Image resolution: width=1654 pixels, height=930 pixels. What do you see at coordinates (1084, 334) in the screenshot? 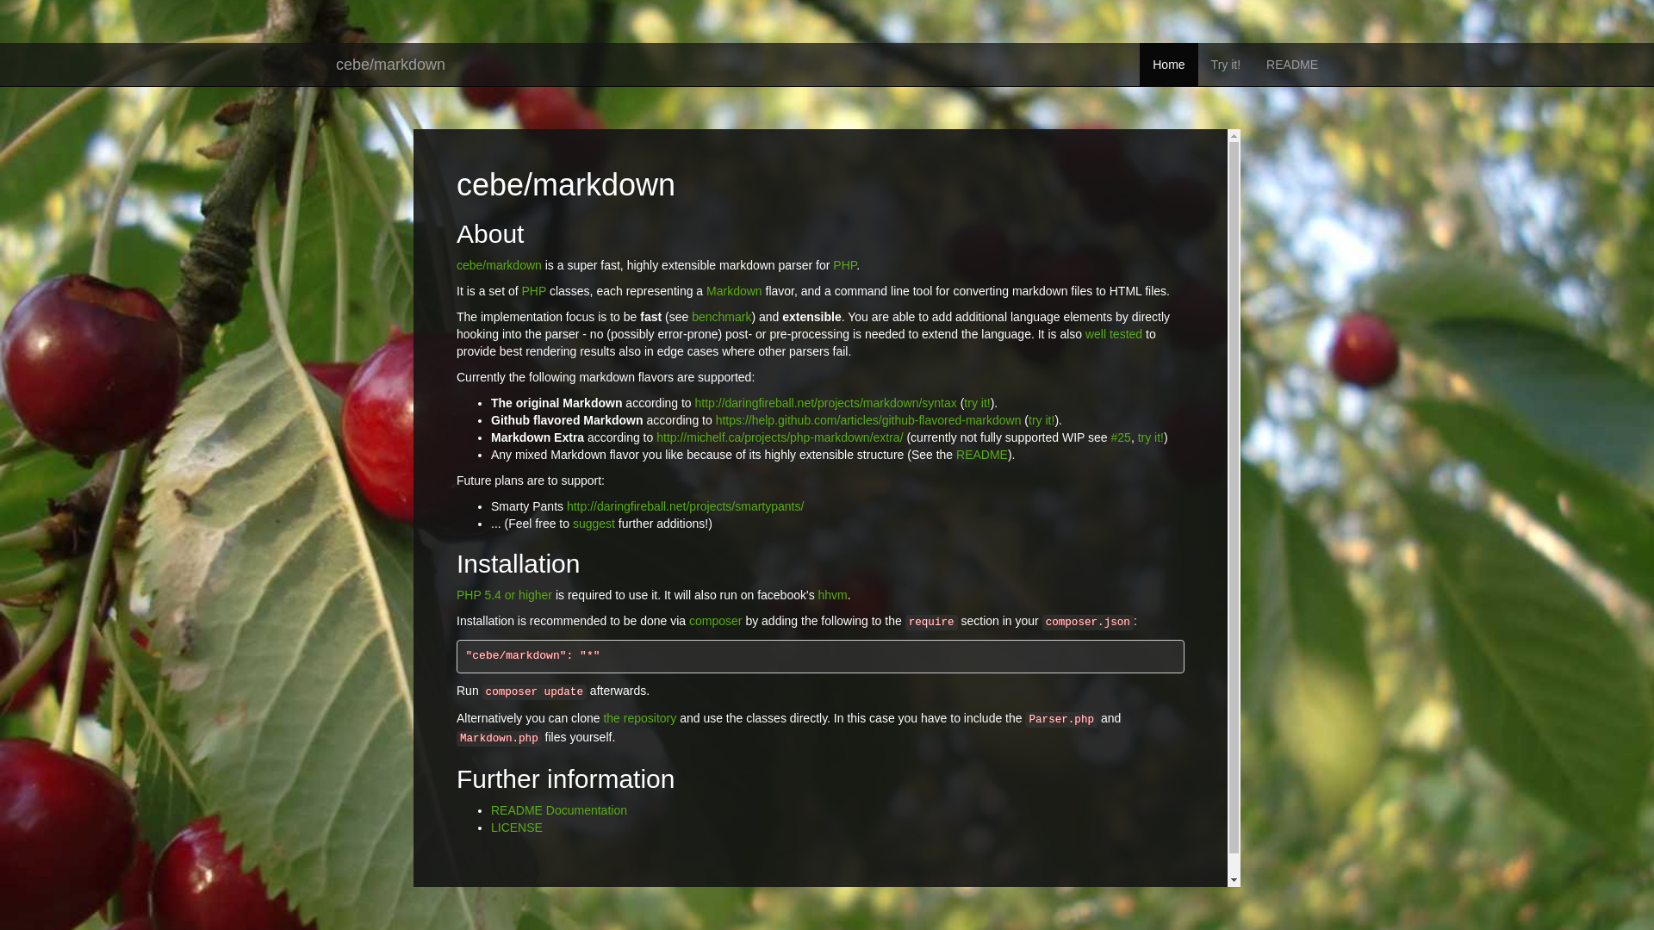
I see `'well tested'` at bounding box center [1084, 334].